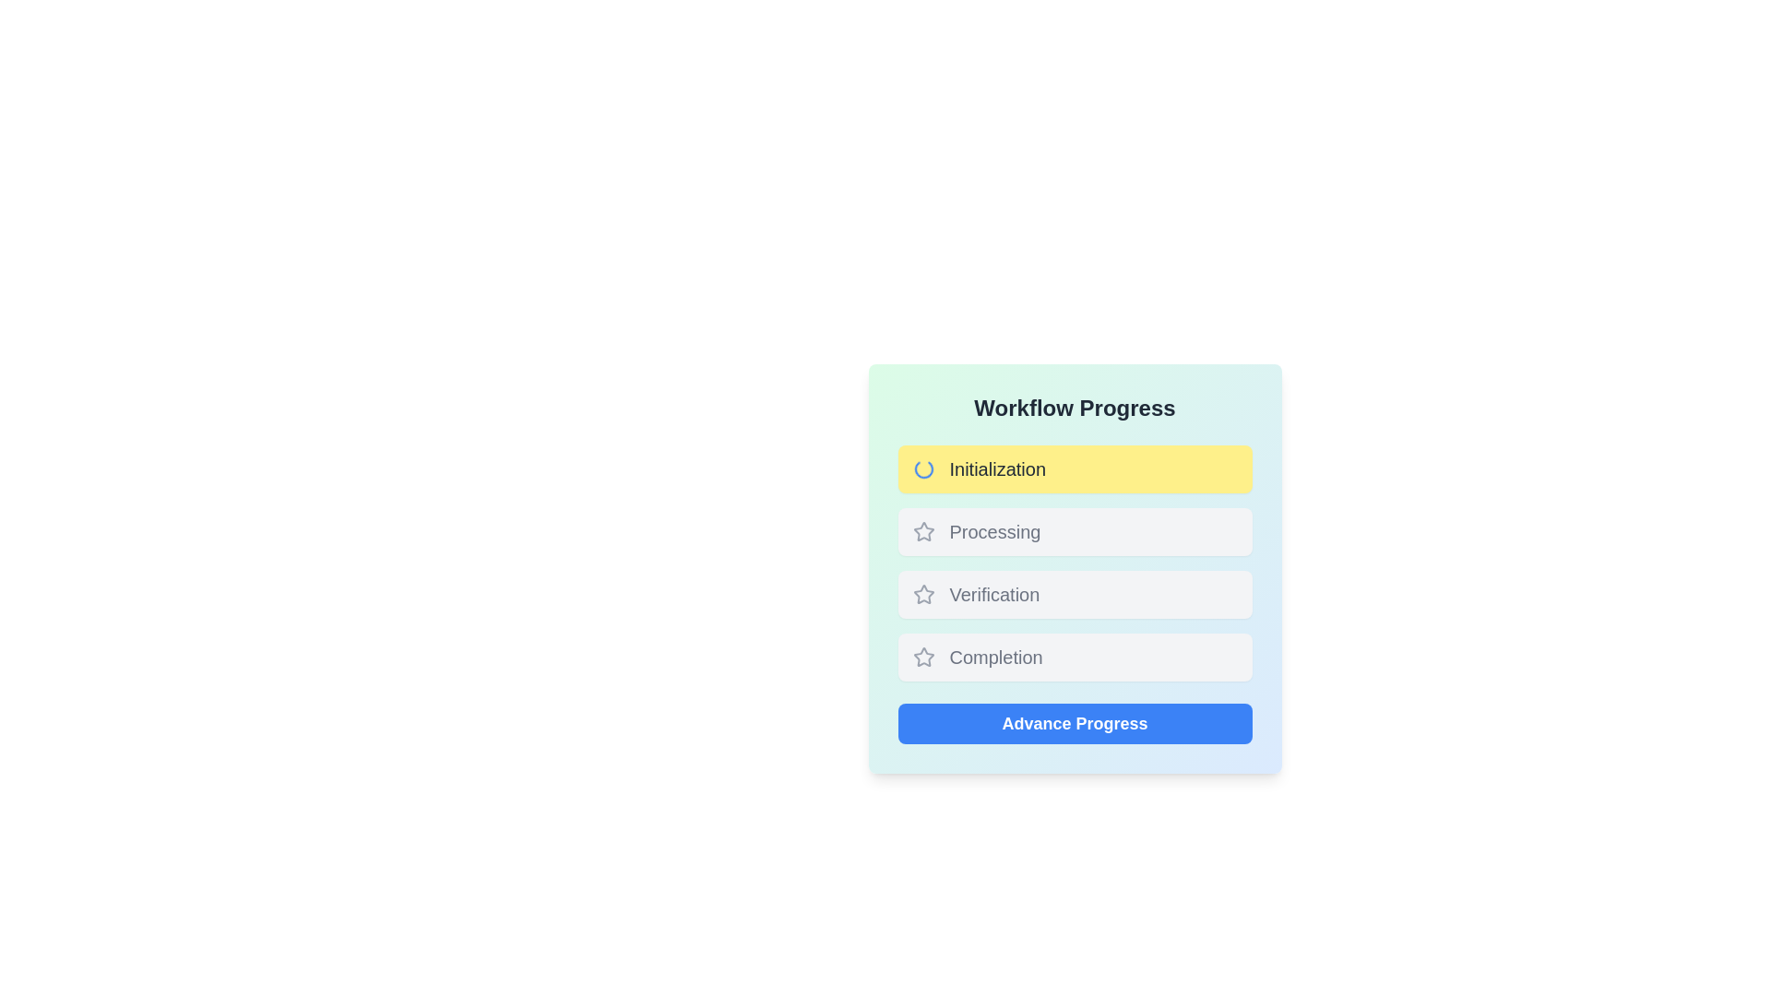 The width and height of the screenshot is (1771, 996). What do you see at coordinates (1075, 723) in the screenshot?
I see `the 'Advance Progress' button at the bottom of the 'Workflow Progress' panel` at bounding box center [1075, 723].